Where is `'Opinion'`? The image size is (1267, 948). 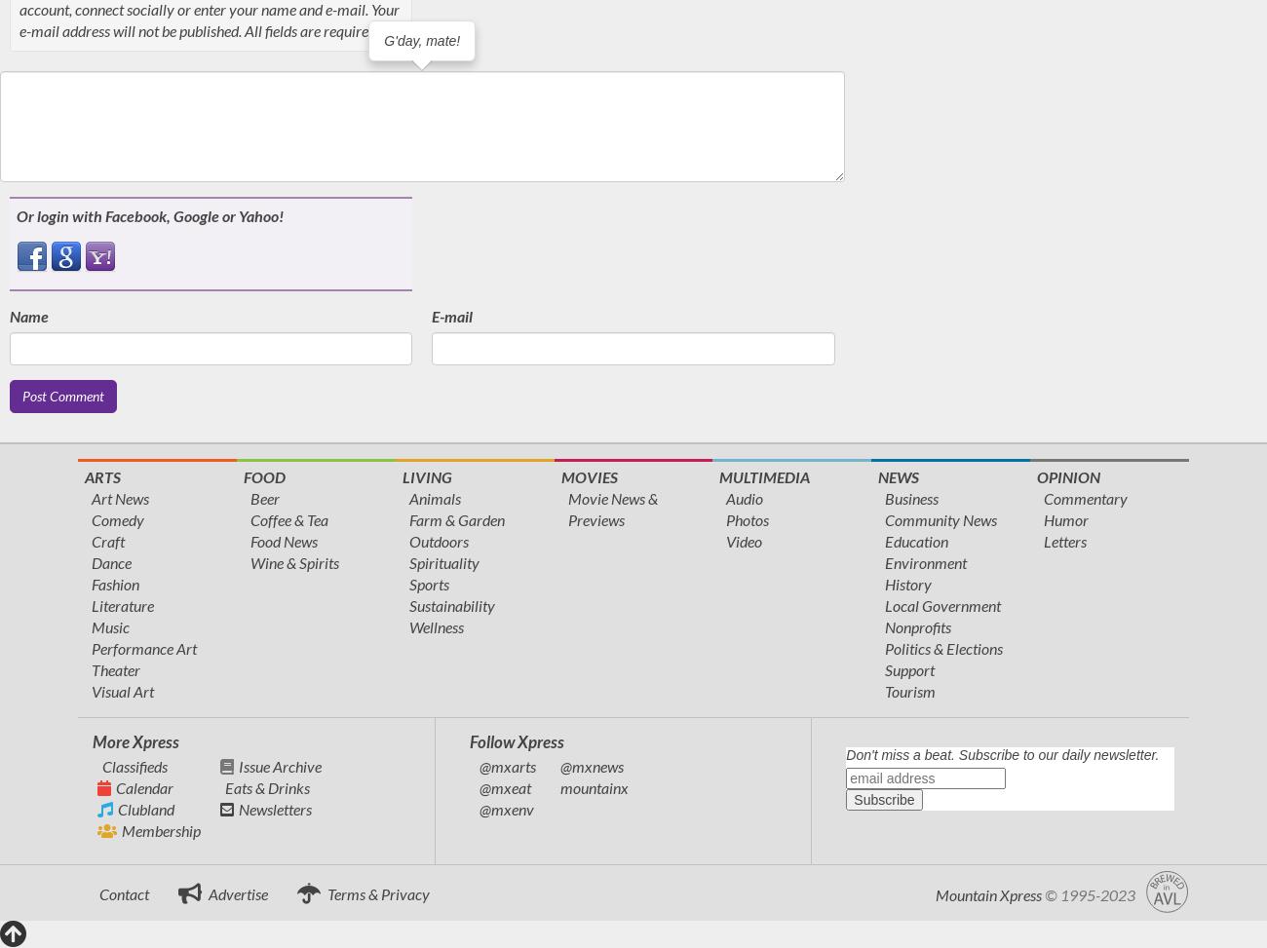
'Opinion' is located at coordinates (1067, 474).